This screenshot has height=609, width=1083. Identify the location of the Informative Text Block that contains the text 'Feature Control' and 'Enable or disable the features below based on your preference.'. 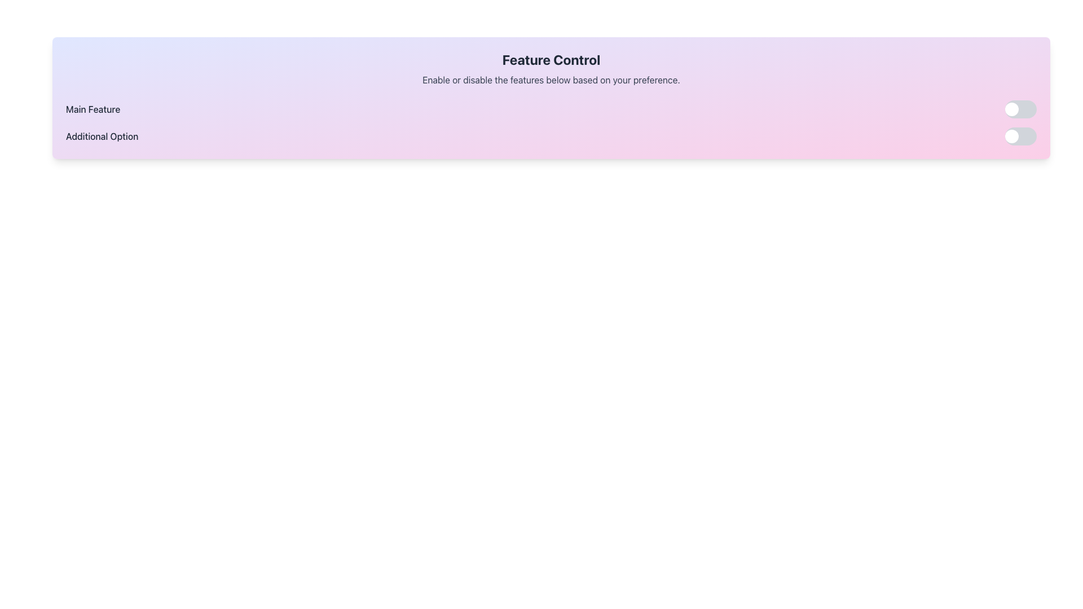
(551, 69).